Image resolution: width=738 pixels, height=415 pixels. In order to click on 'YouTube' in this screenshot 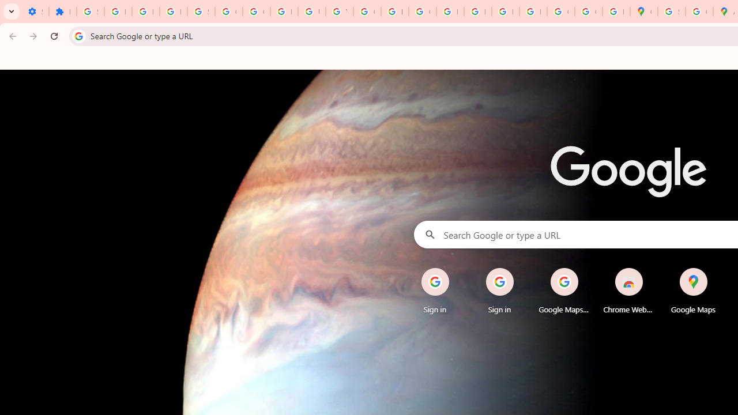, I will do `click(338, 12)`.